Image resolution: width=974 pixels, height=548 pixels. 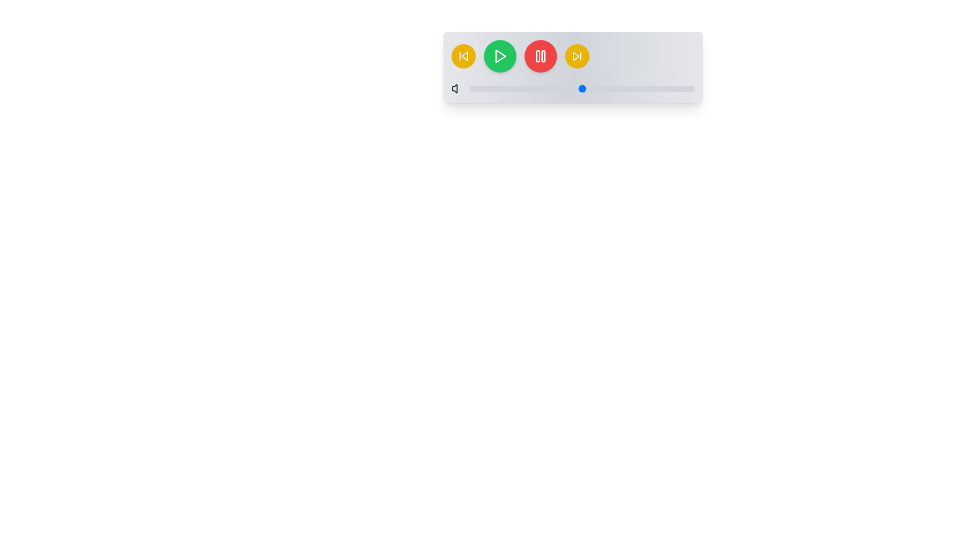 I want to click on the slider, so click(x=478, y=88).